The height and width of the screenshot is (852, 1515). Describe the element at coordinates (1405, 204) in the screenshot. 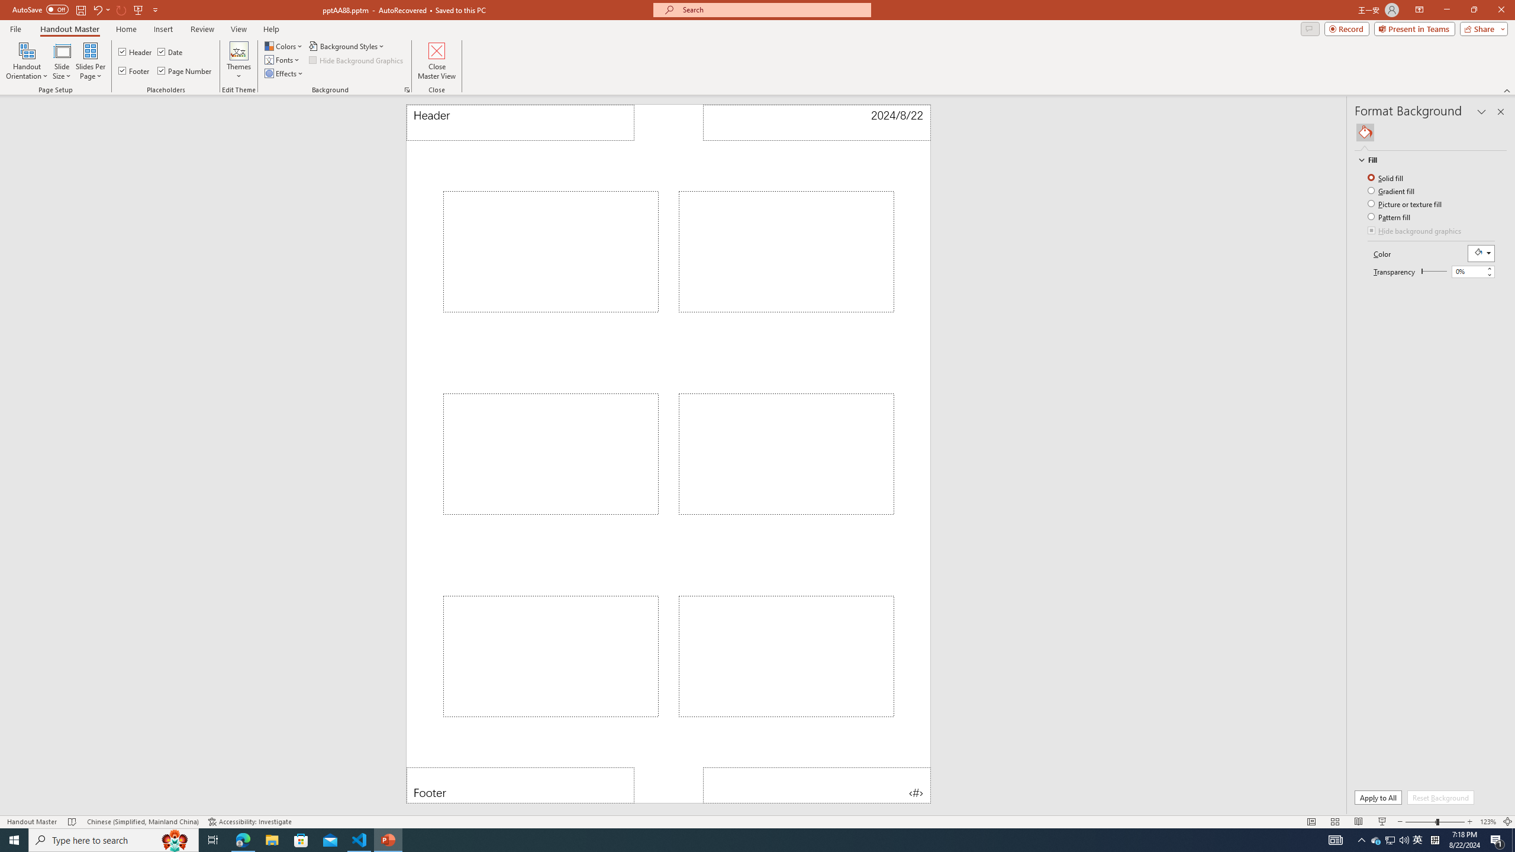

I see `'Picture or texture fill'` at that location.